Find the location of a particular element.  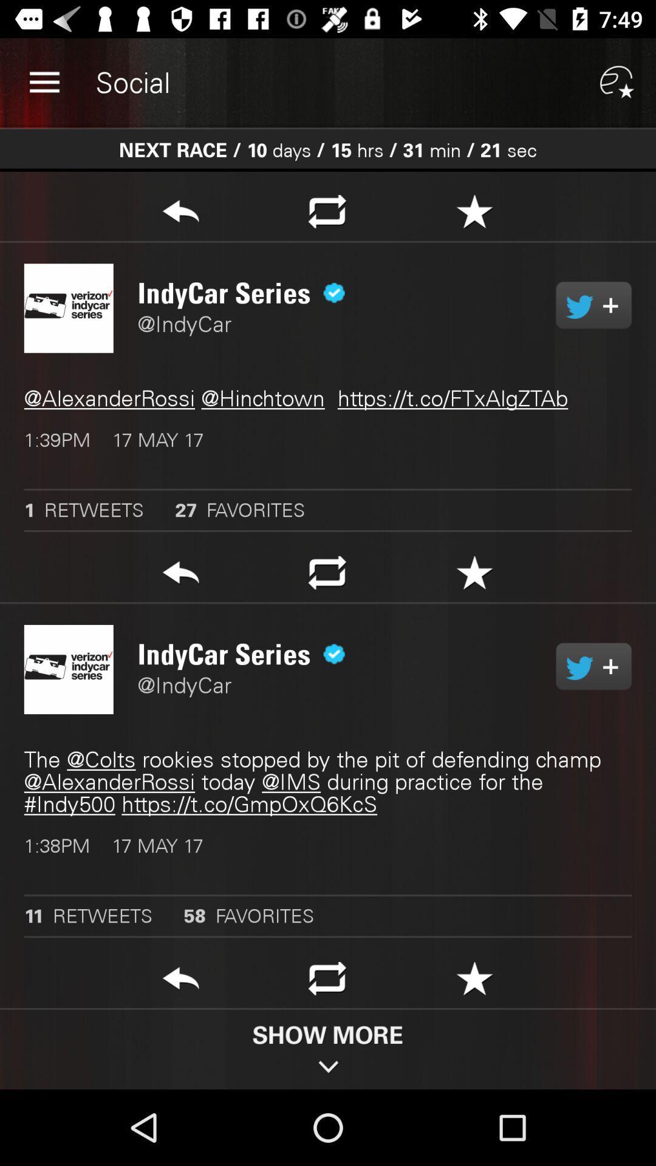

the forward option below 27 favorites is located at coordinates (180, 576).